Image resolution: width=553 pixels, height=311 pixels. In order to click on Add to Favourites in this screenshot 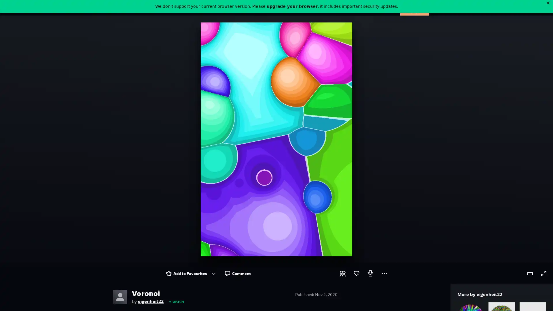, I will do `click(134, 273)`.